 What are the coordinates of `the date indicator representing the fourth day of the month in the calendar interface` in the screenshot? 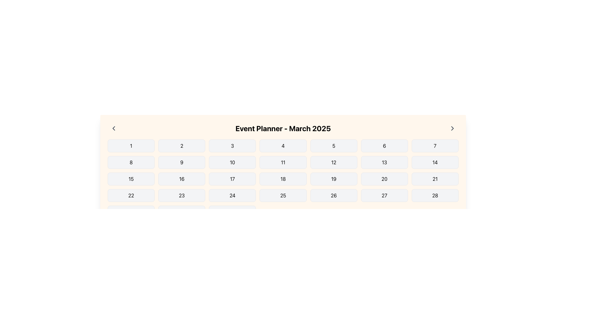 It's located at (283, 146).